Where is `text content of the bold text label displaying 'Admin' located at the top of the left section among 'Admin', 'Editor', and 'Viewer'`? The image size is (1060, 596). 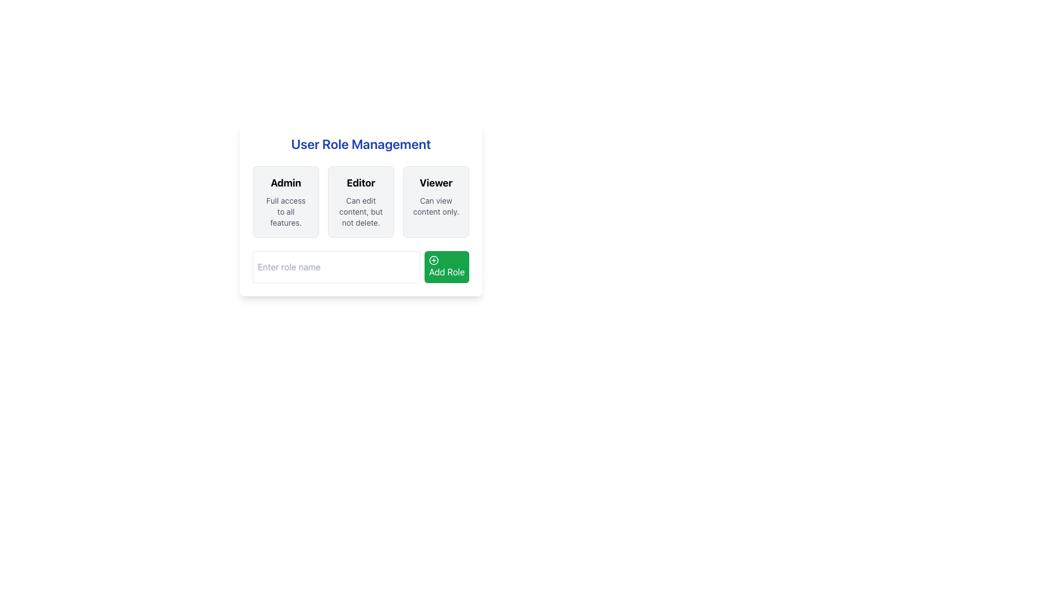
text content of the bold text label displaying 'Admin' located at the top of the left section among 'Admin', 'Editor', and 'Viewer' is located at coordinates (286, 182).